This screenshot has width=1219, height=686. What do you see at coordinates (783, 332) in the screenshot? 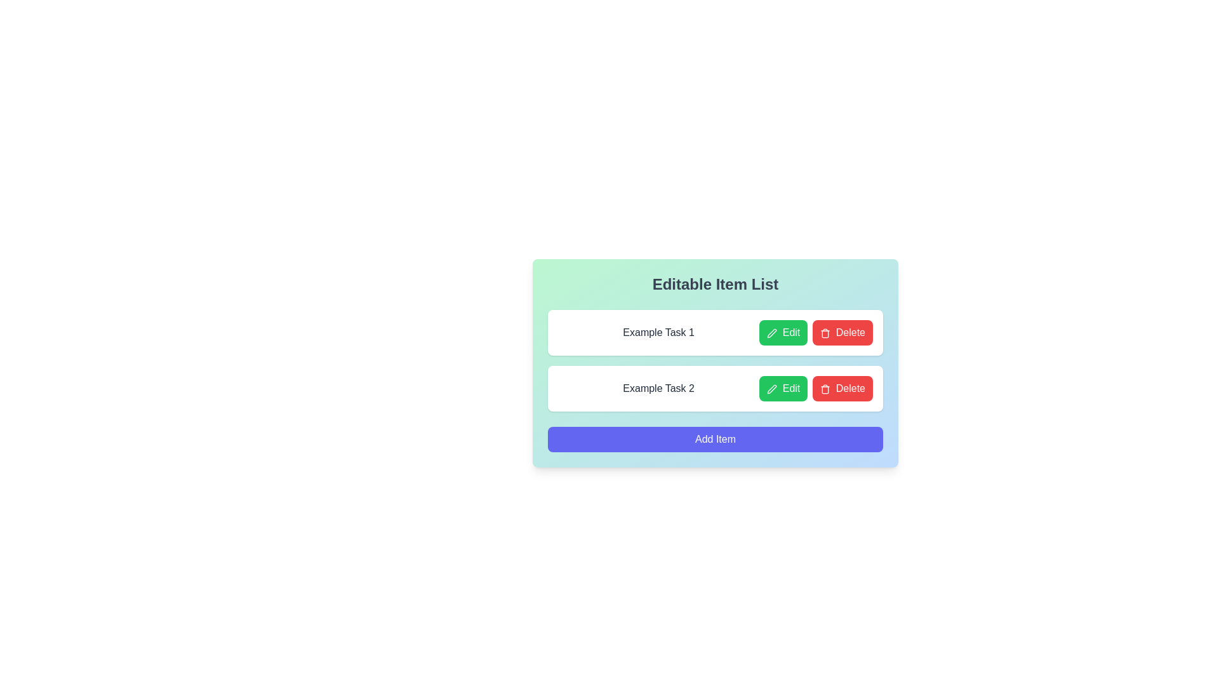
I see `the 'Edit' button associated with 'Example Task 1' to observe the hover effect` at bounding box center [783, 332].